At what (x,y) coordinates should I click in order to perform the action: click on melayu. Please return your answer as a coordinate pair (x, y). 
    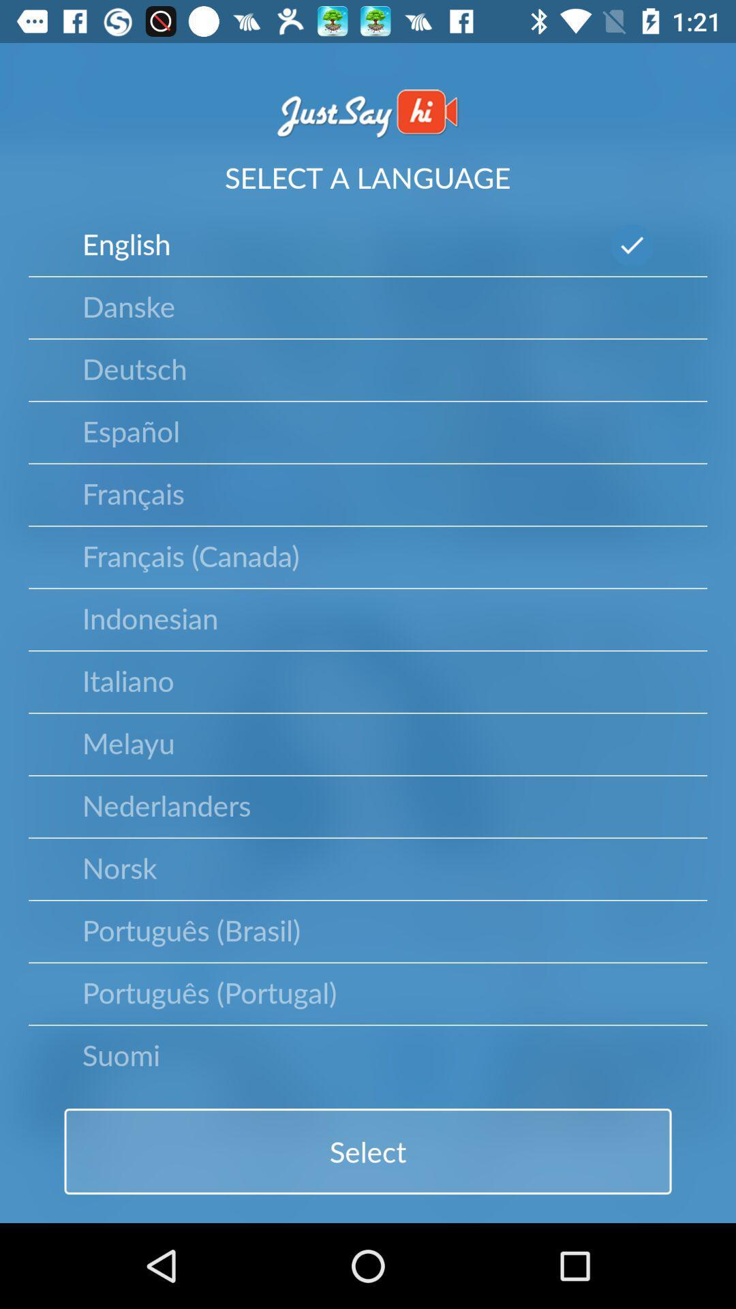
    Looking at the image, I should click on (128, 742).